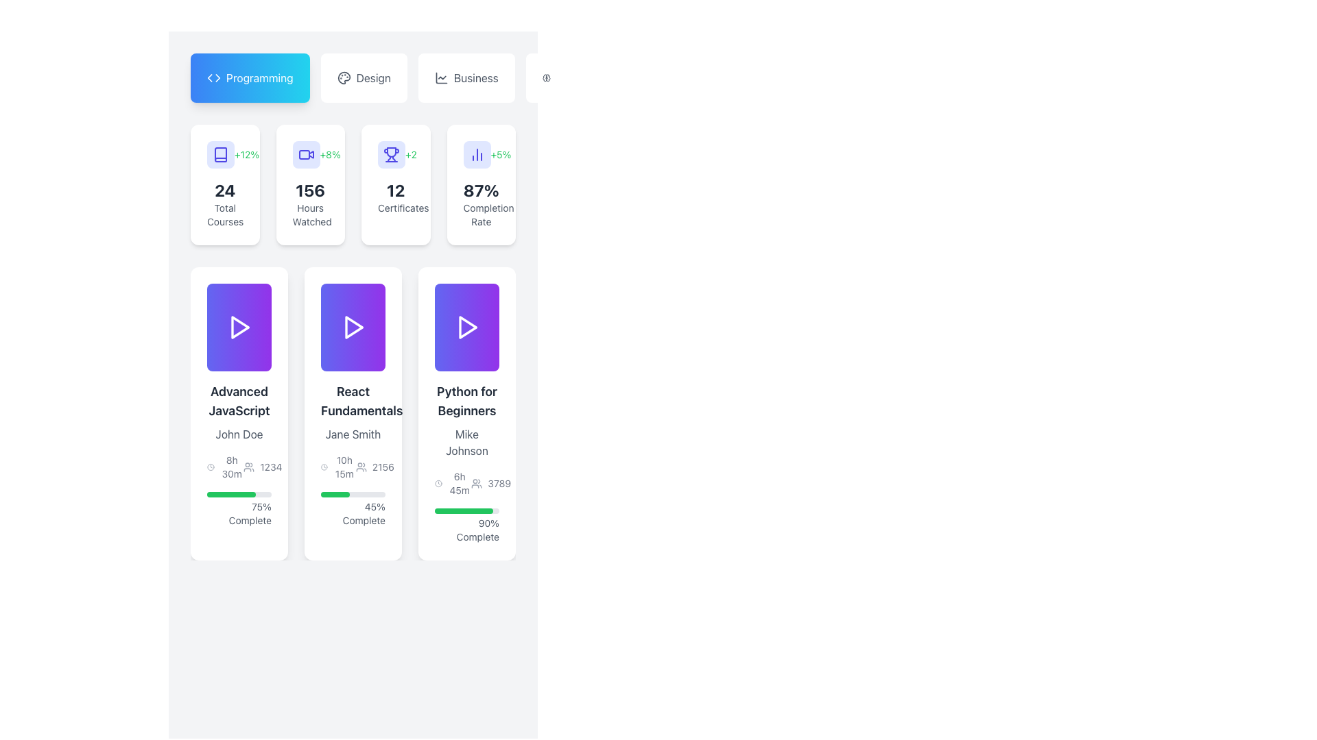 This screenshot has width=1317, height=740. I want to click on the icon representing the 'Design' navigation tab, which is located to the left of the 'Design' text label in the navigation bar, so click(344, 78).